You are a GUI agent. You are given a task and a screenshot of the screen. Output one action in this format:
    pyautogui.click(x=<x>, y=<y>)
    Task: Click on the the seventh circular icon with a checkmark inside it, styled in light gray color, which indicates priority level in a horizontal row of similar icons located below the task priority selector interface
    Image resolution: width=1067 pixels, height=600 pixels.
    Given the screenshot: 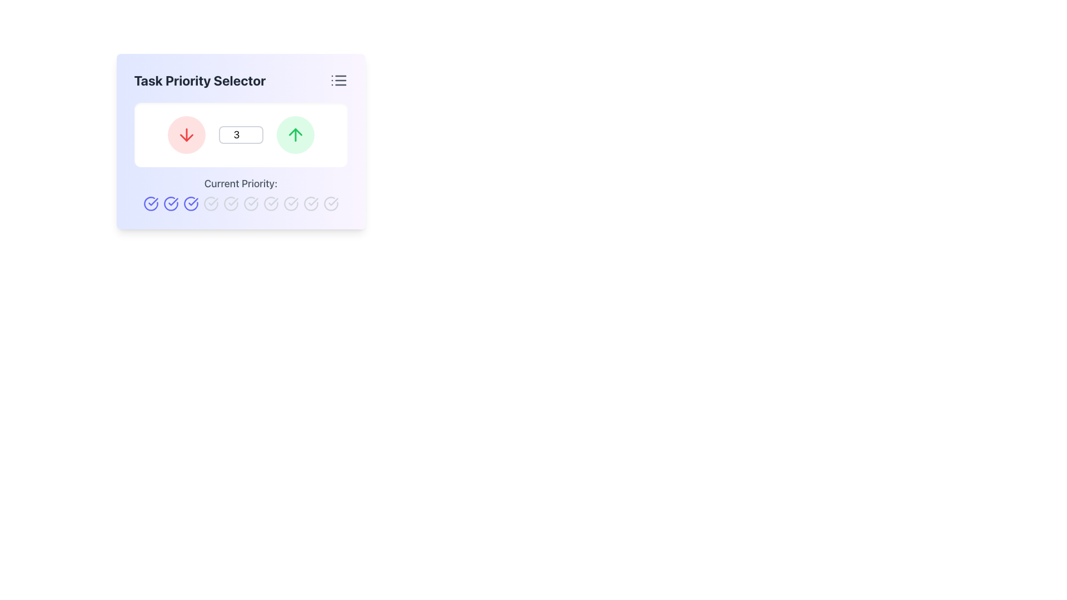 What is the action you would take?
    pyautogui.click(x=250, y=203)
    